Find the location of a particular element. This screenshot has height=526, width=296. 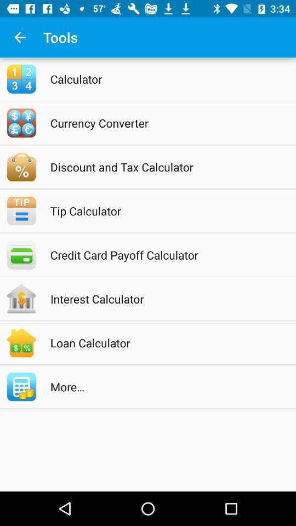

the icon next to tools app is located at coordinates (20, 37).